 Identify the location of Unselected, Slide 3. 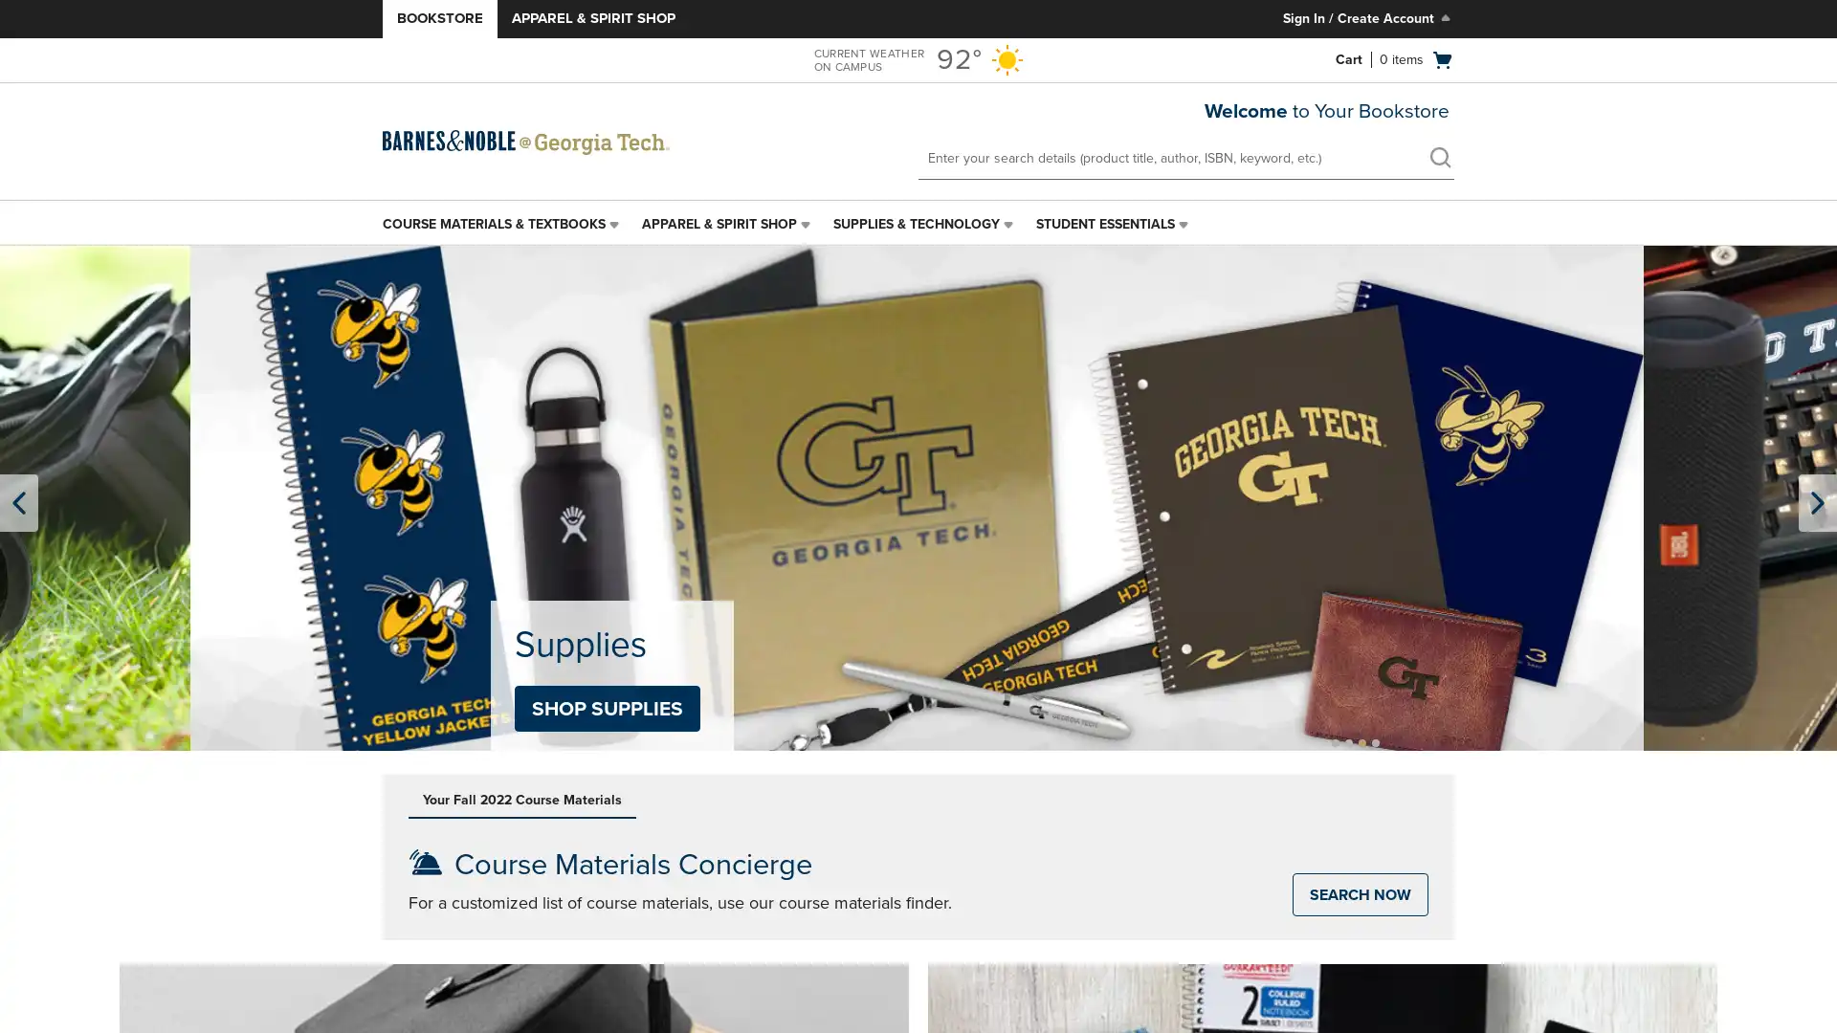
(1361, 741).